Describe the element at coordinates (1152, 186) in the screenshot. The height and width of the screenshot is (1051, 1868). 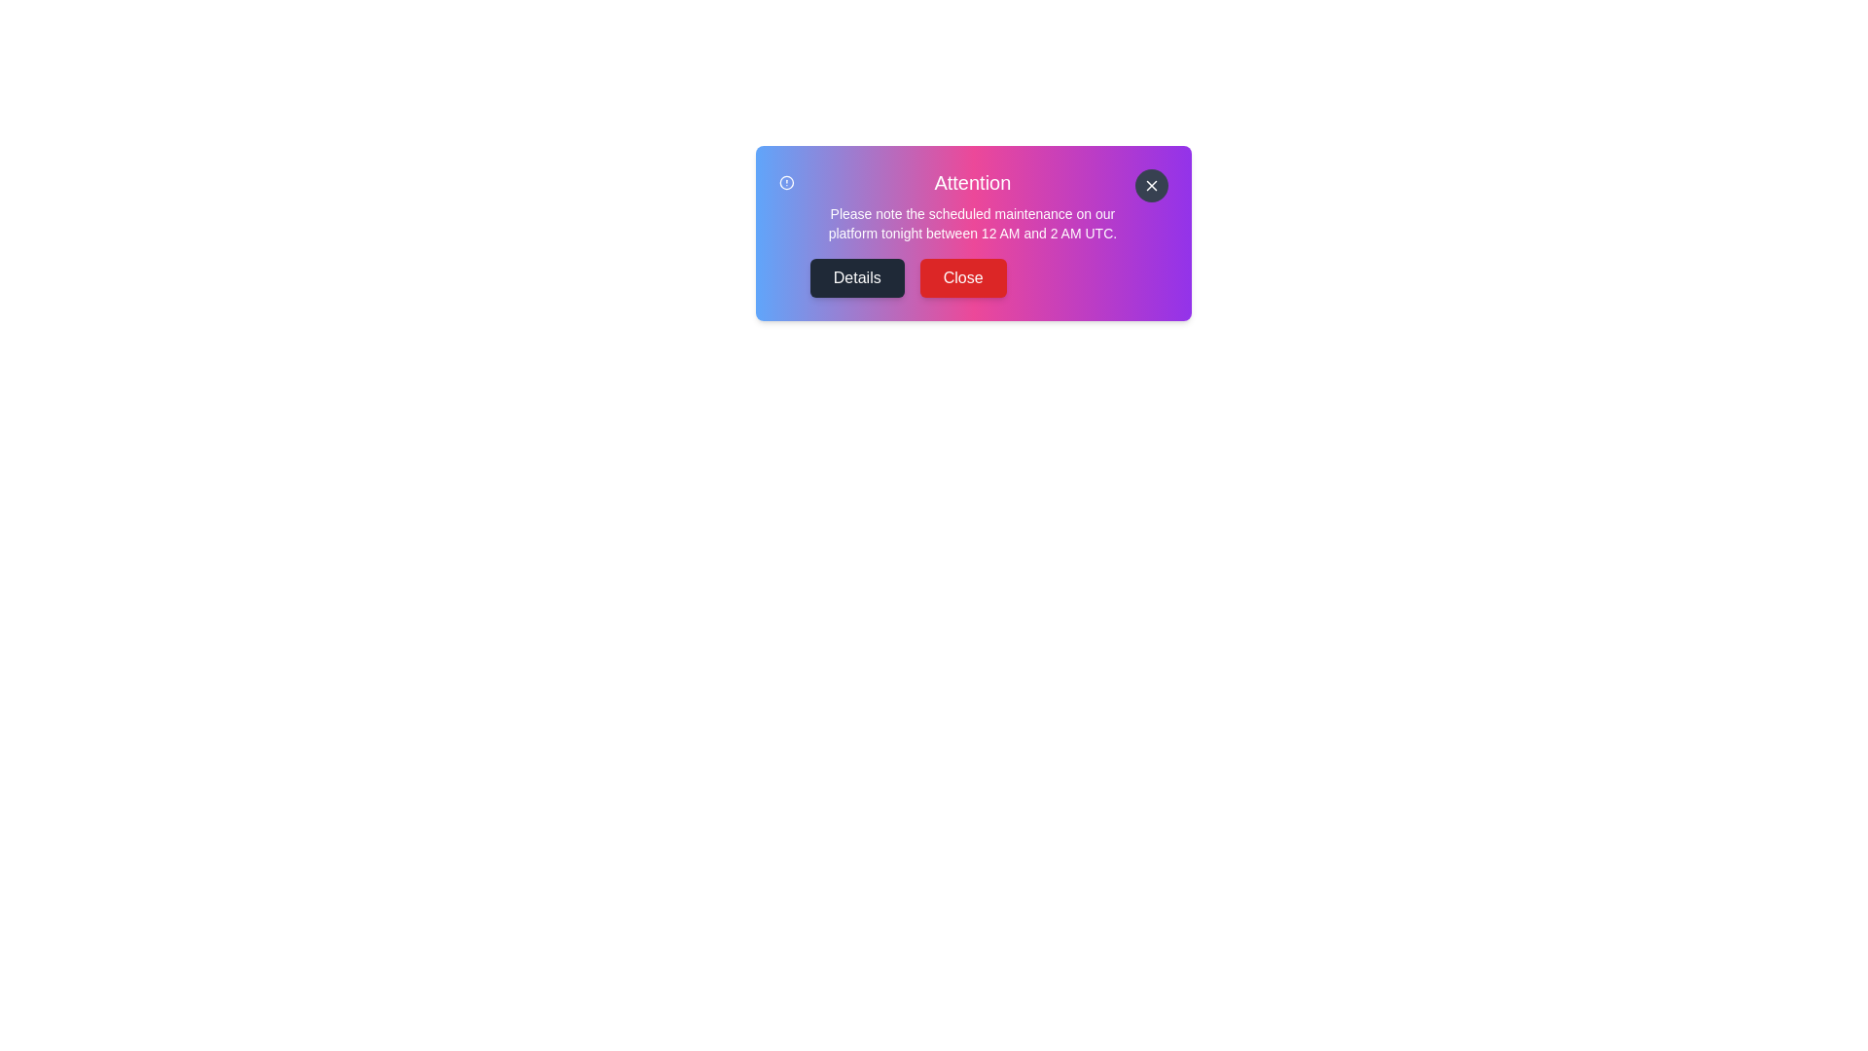
I see `the 'X' icon to close the alert` at that location.